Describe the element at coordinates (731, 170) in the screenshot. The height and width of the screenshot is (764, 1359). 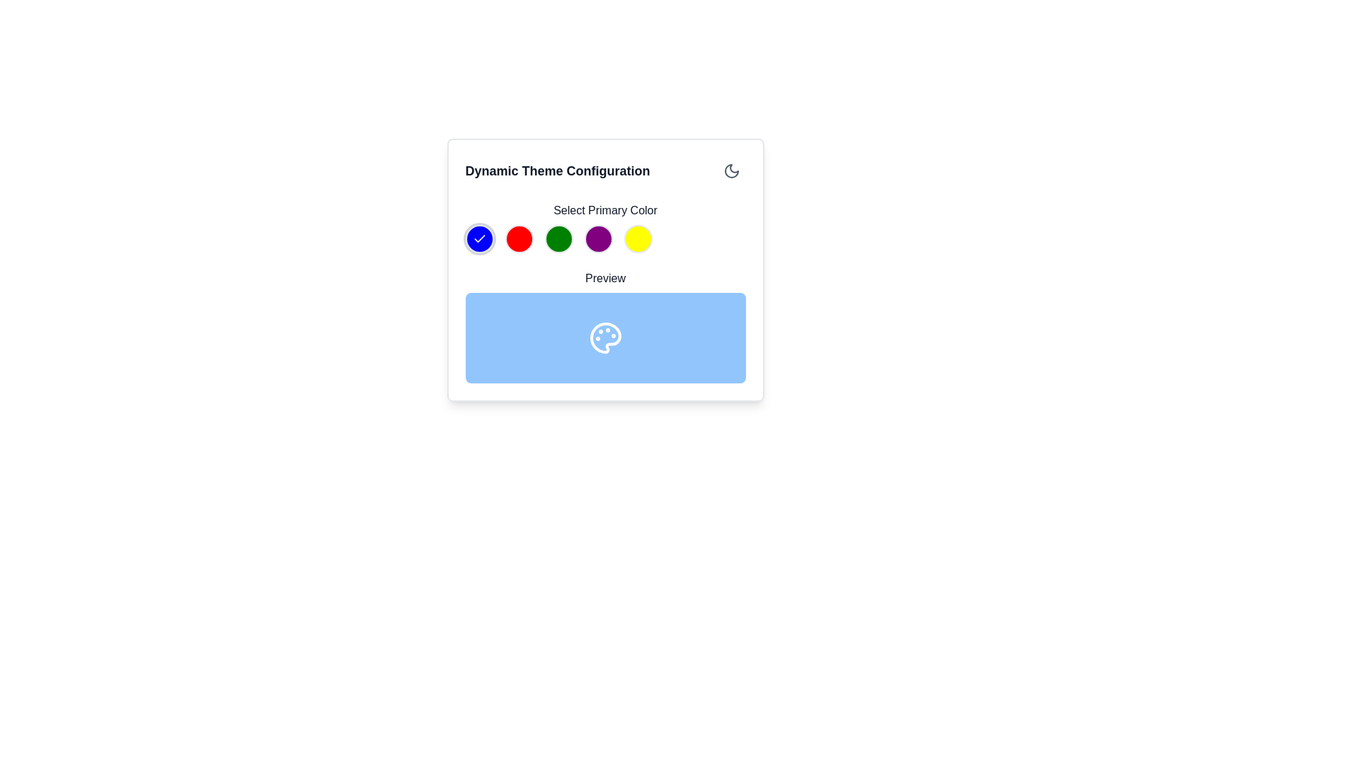
I see `the crescent moon icon in the top right corner of the 'Dynamic Theme Configuration' panel to toggle dark mode` at that location.